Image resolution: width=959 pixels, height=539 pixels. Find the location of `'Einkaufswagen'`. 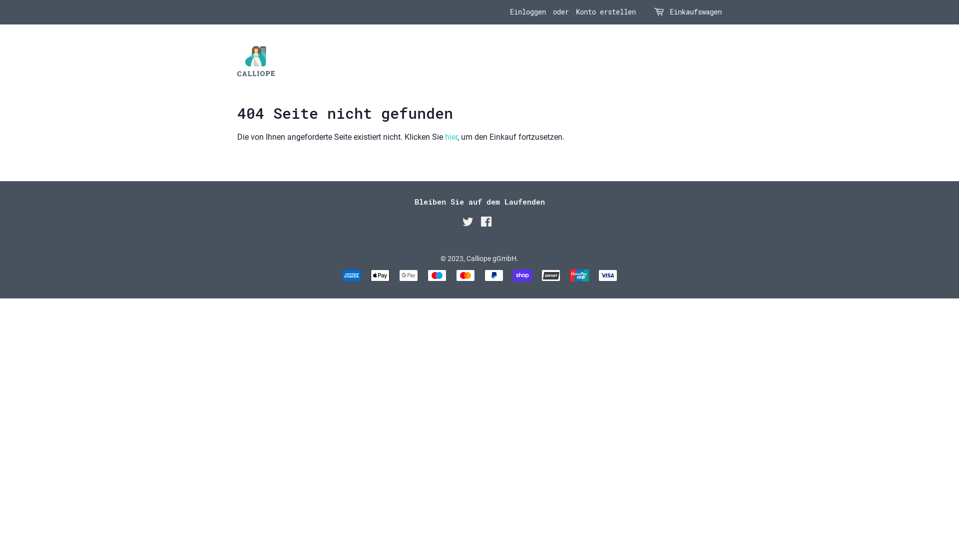

'Einkaufswagen' is located at coordinates (695, 12).